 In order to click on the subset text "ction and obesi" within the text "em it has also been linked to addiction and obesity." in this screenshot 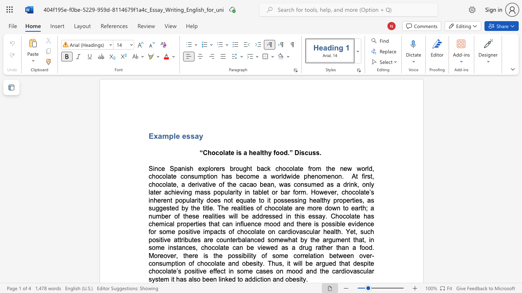, I will do `click(257, 279)`.